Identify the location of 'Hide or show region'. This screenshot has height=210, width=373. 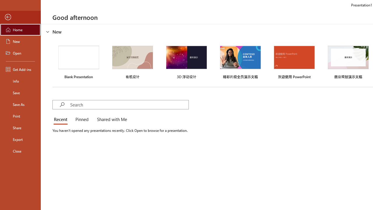
(48, 32).